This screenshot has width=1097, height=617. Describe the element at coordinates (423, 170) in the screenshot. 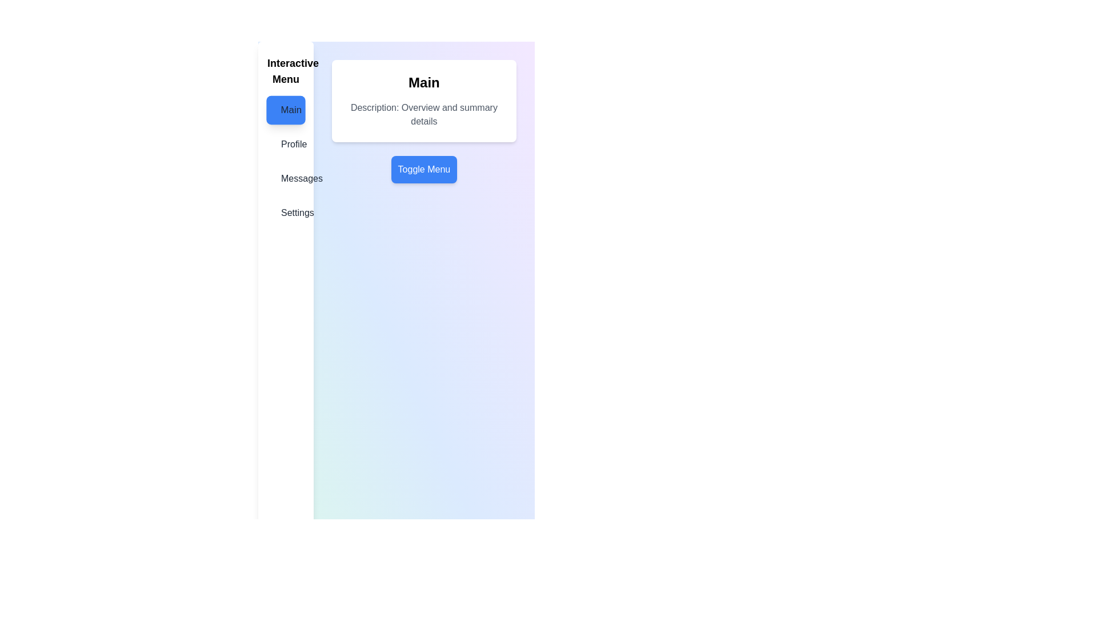

I see `the 'Toggle Menu' button to toggle the menu visibility` at that location.